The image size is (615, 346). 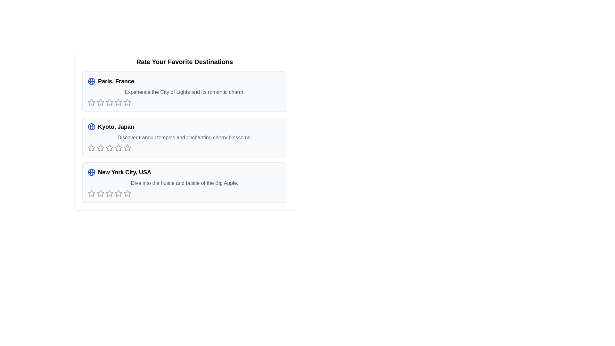 What do you see at coordinates (100, 148) in the screenshot?
I see `the third star icon in the rating row of the 'Kyoto, Japan' section` at bounding box center [100, 148].